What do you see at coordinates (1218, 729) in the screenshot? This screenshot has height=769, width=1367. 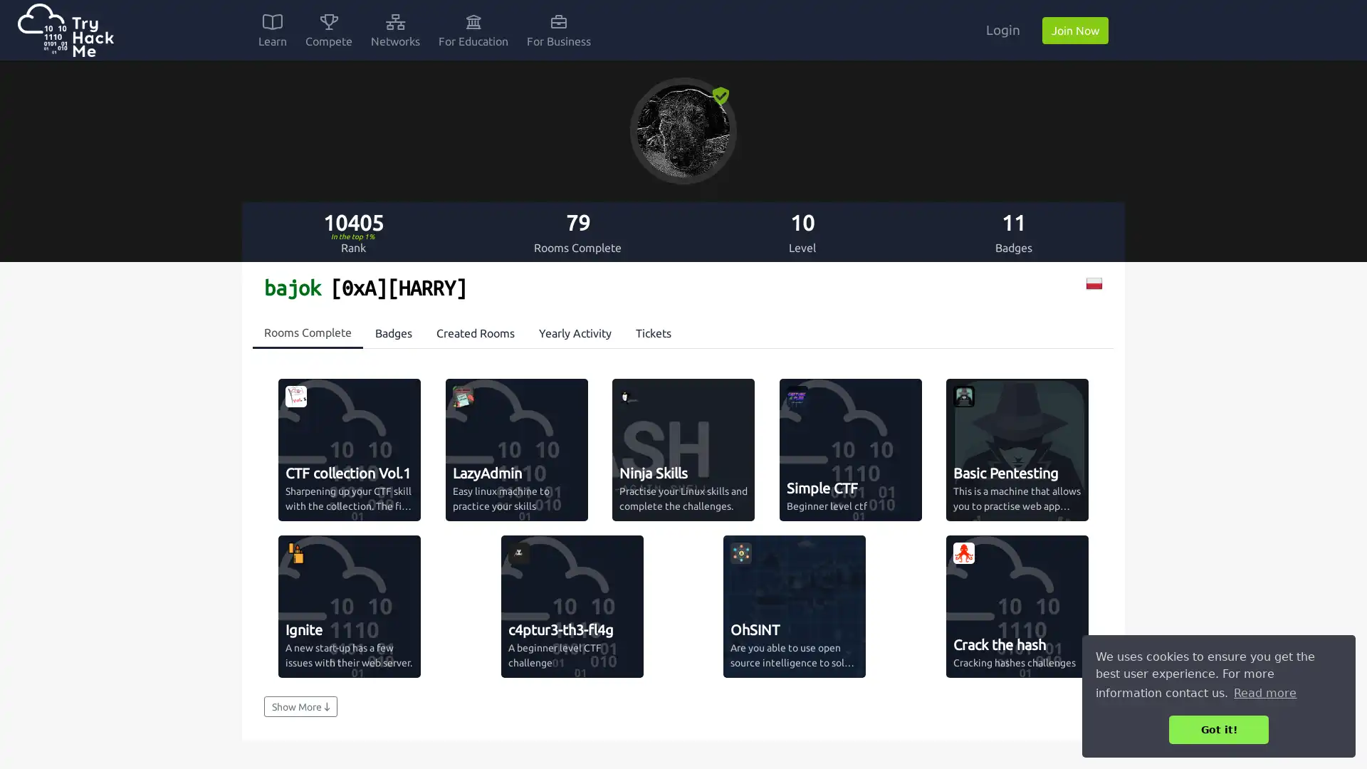 I see `dismiss cookie message` at bounding box center [1218, 729].